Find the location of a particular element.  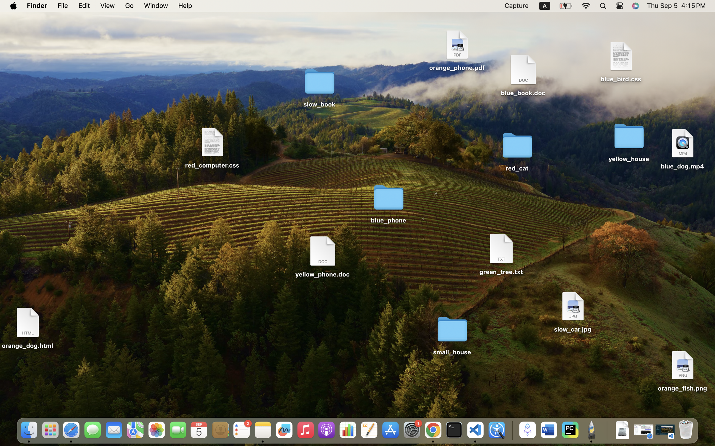

'0.4285714328289032' is located at coordinates (511, 430).